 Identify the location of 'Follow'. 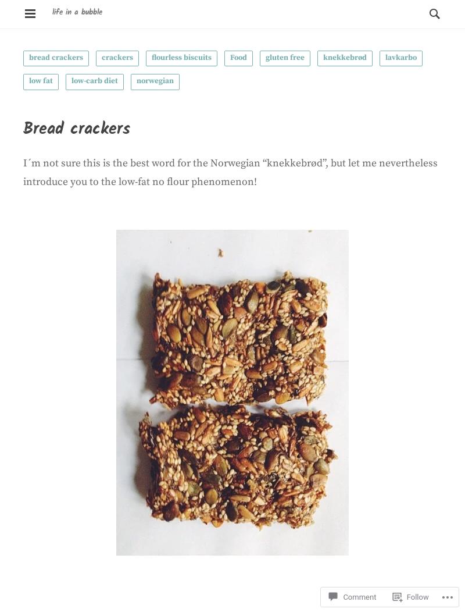
(417, 565).